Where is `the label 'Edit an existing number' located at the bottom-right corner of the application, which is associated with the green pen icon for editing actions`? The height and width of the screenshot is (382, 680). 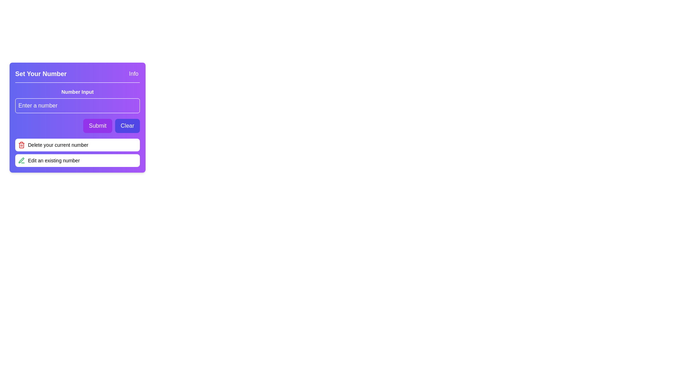 the label 'Edit an existing number' located at the bottom-right corner of the application, which is associated with the green pen icon for editing actions is located at coordinates (53, 161).